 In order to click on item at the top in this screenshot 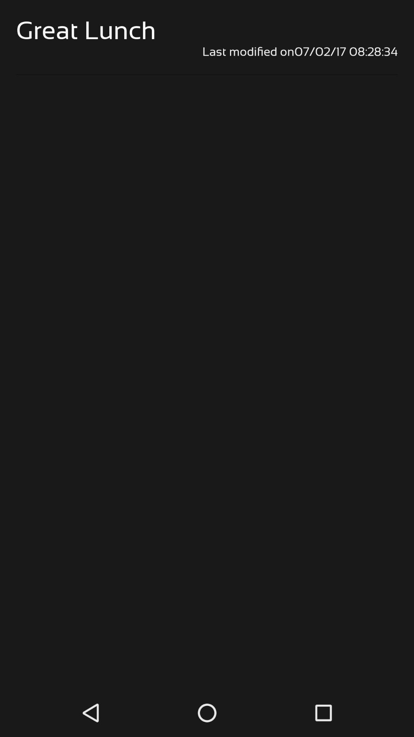, I will do `click(207, 51)`.